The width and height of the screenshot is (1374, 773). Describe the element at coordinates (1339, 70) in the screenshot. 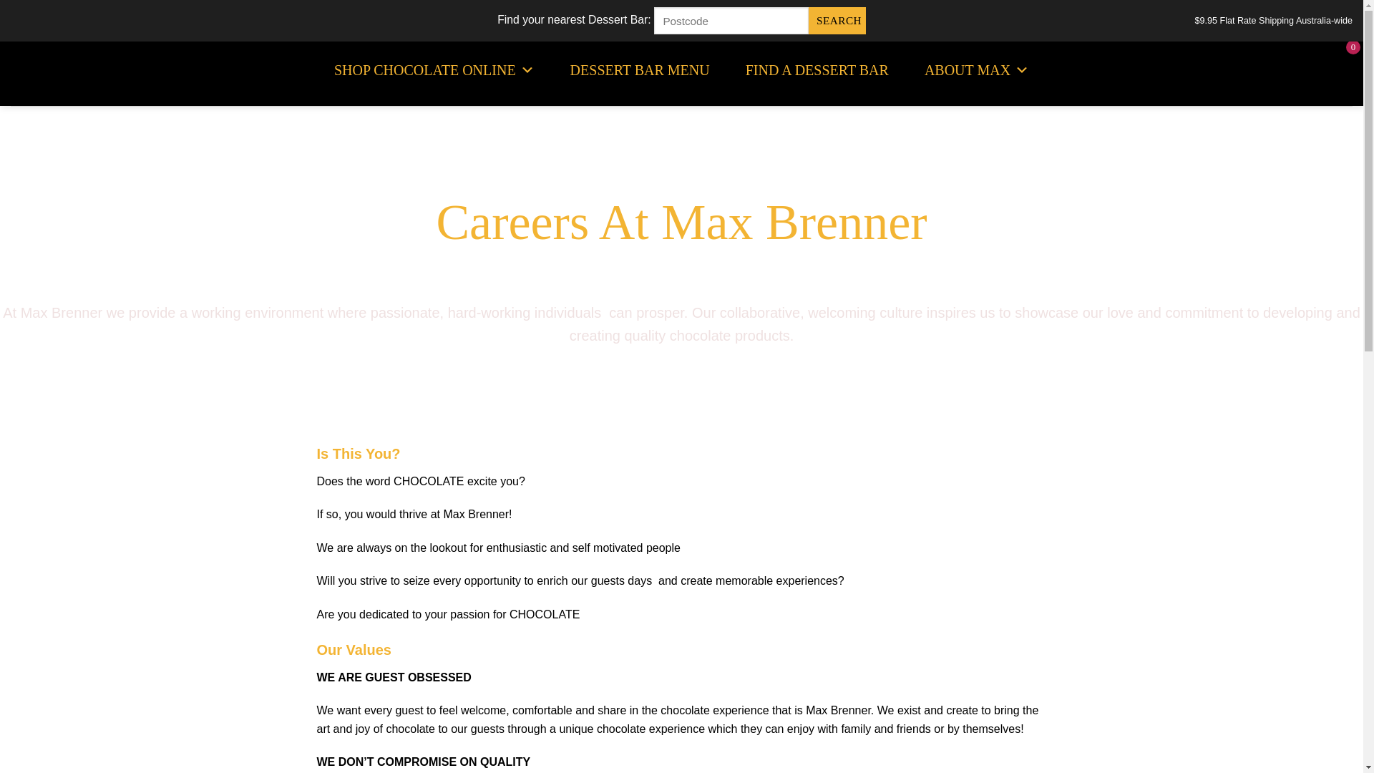

I see `'0'` at that location.